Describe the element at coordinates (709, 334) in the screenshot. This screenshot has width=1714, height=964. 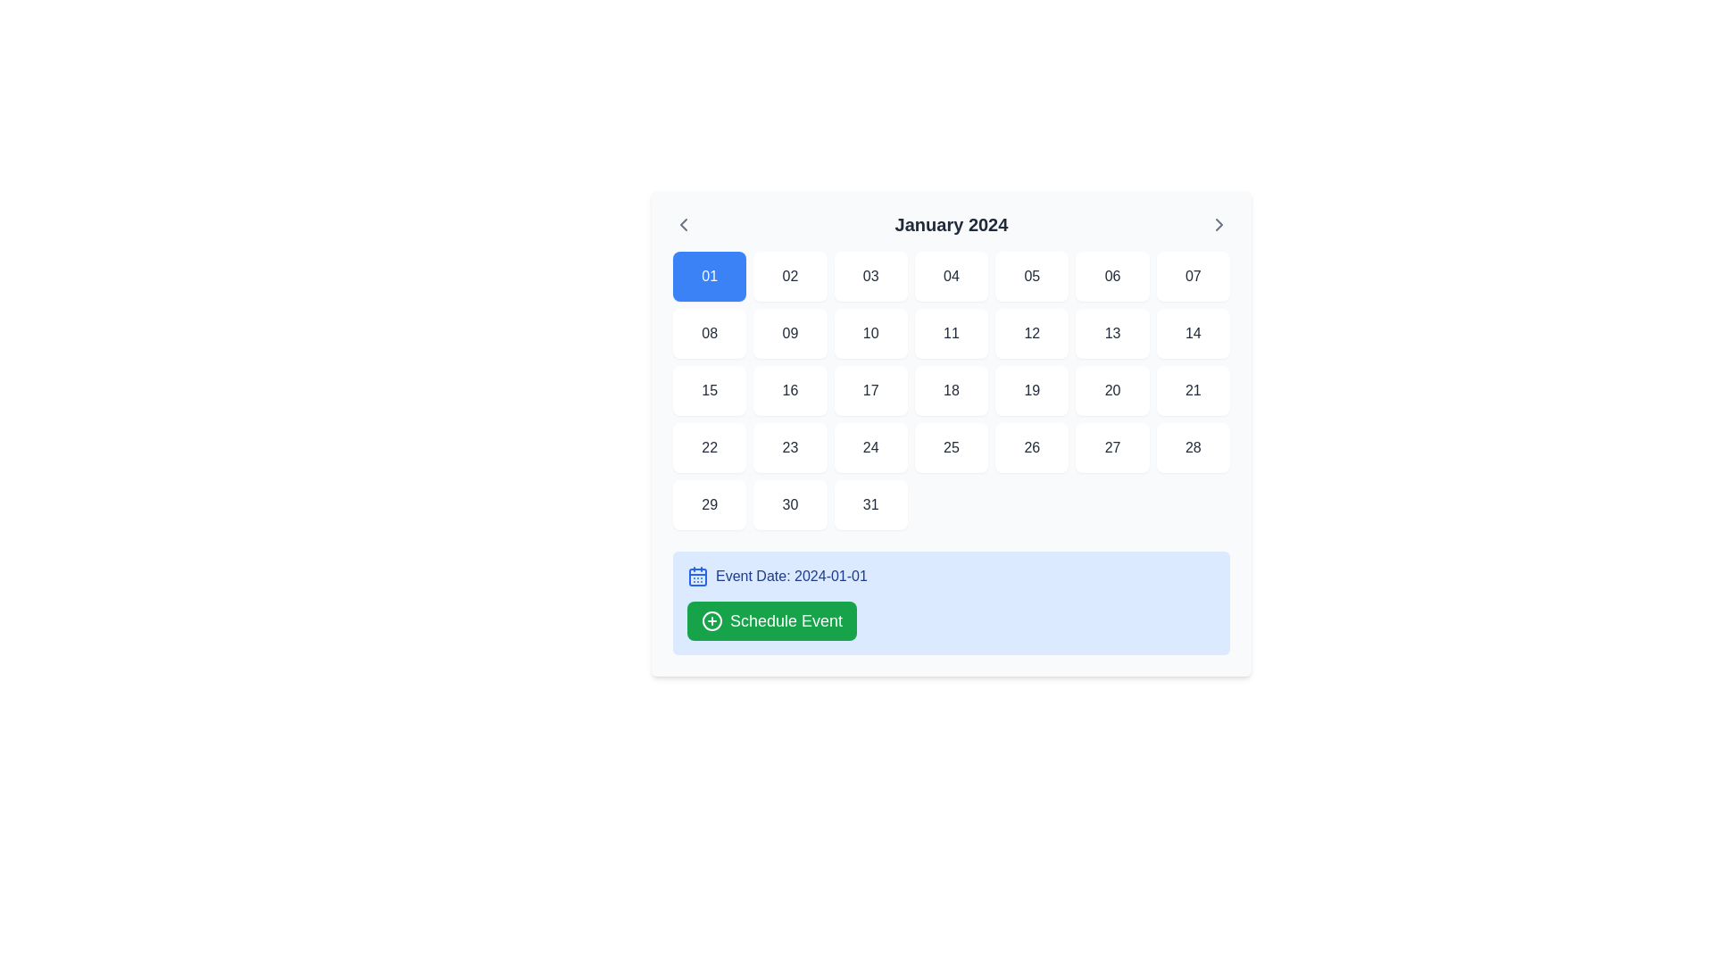
I see `the square button labeled '08' in the calendar grid` at that location.